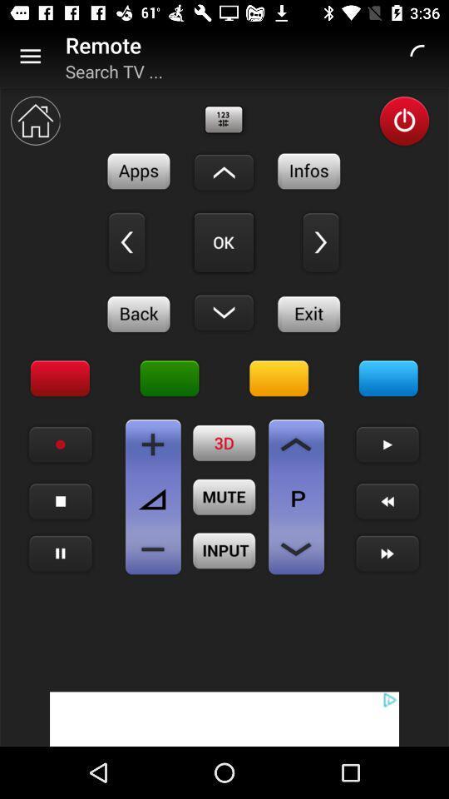  I want to click on click on advertisement, so click(224, 718).